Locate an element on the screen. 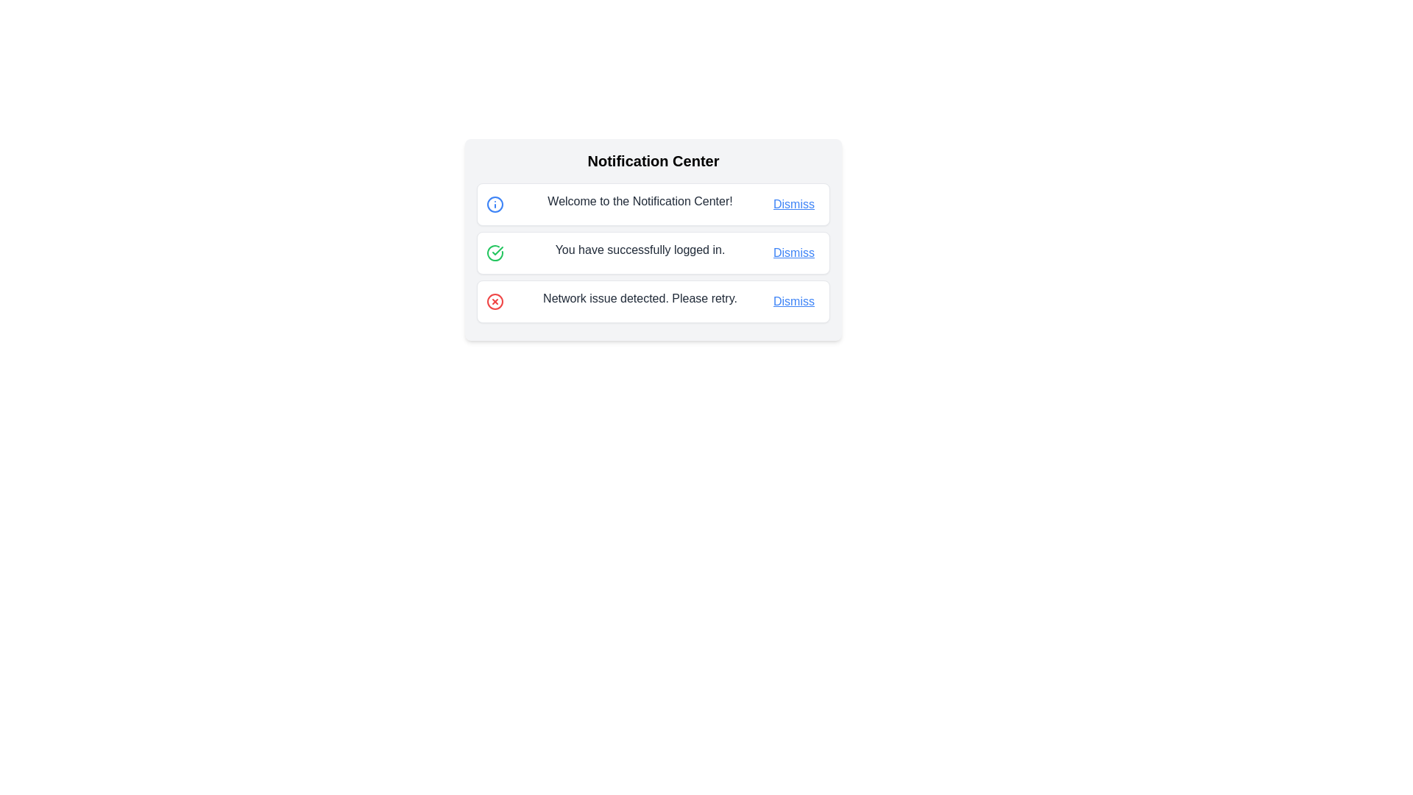  the successful login notification text label, which is located in the second notification card, to the right of a green round checkmark icon and to the left of a blue 'Dismiss' link is located at coordinates (640, 249).